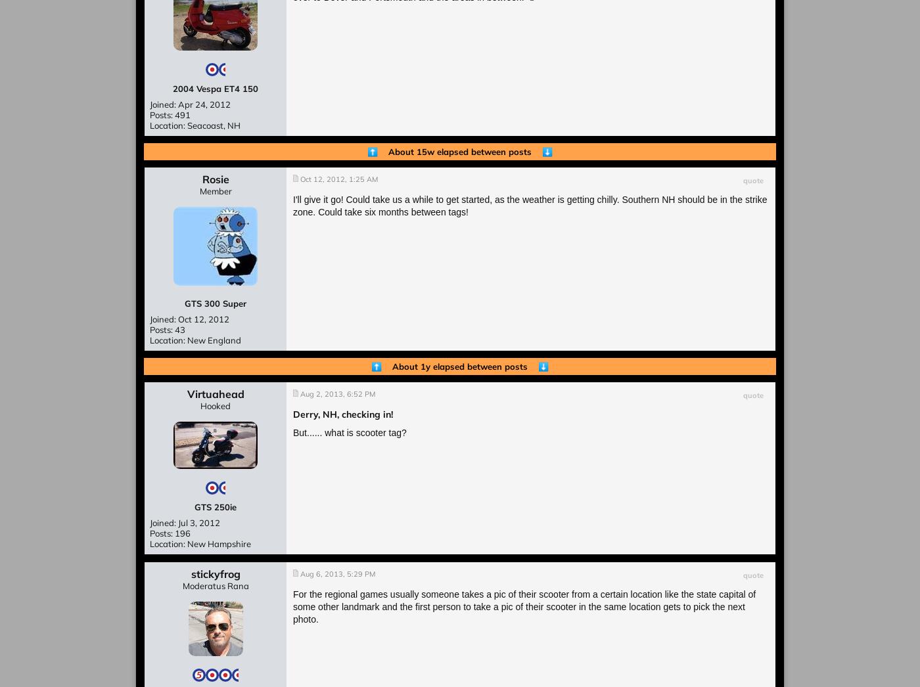 The width and height of the screenshot is (920, 687). What do you see at coordinates (198, 523) in the screenshot?
I see `'Jul 3, 2012'` at bounding box center [198, 523].